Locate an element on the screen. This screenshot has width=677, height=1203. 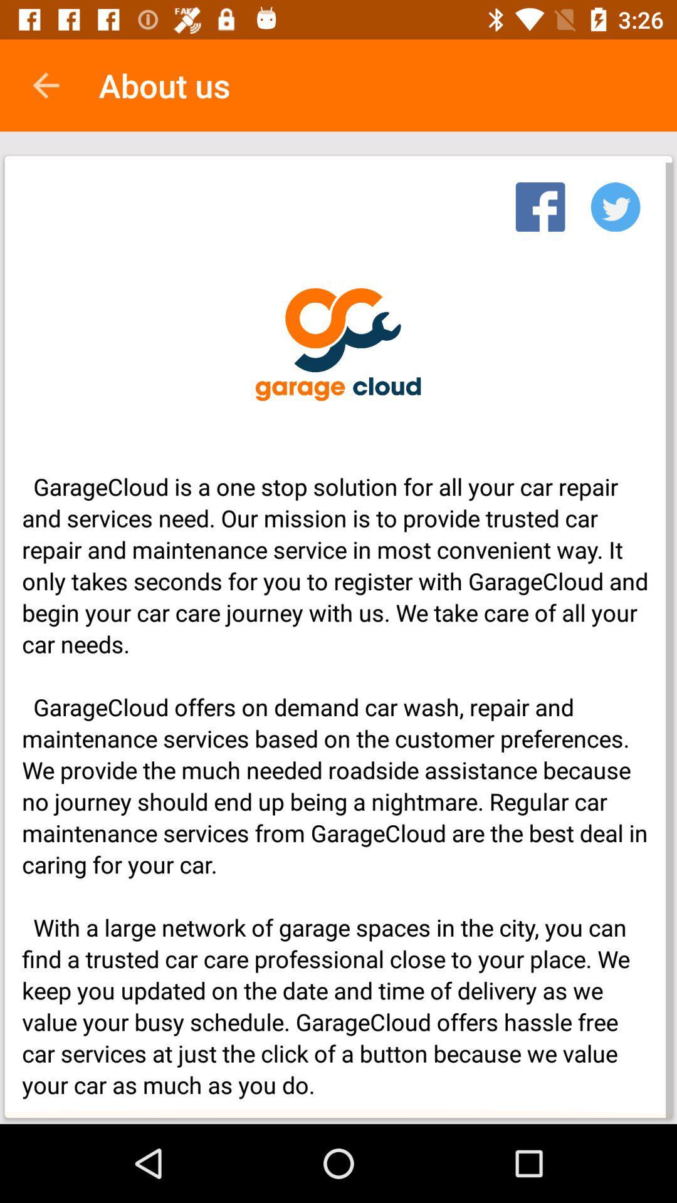
icon above the garagecloud is a item is located at coordinates (615, 203).